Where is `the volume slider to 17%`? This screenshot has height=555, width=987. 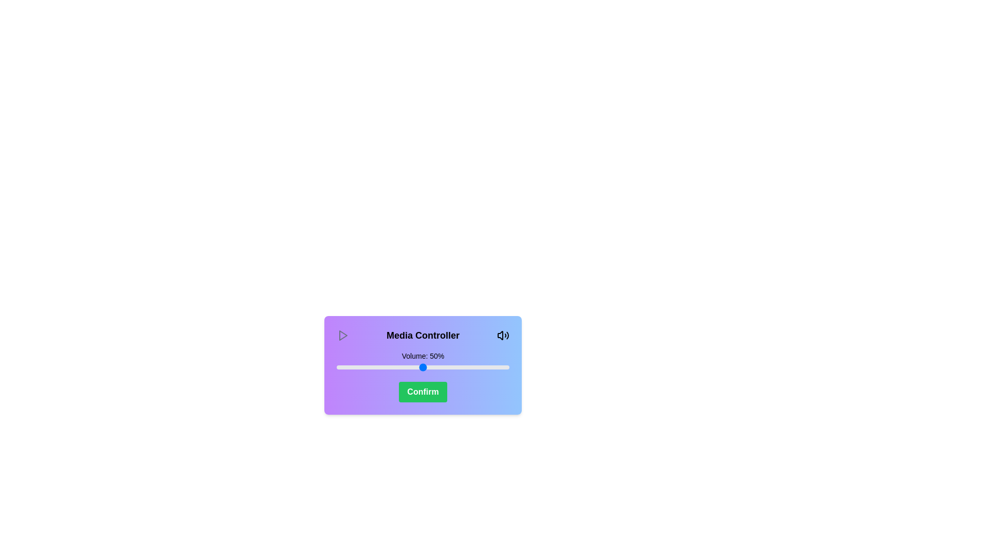 the volume slider to 17% is located at coordinates (366, 366).